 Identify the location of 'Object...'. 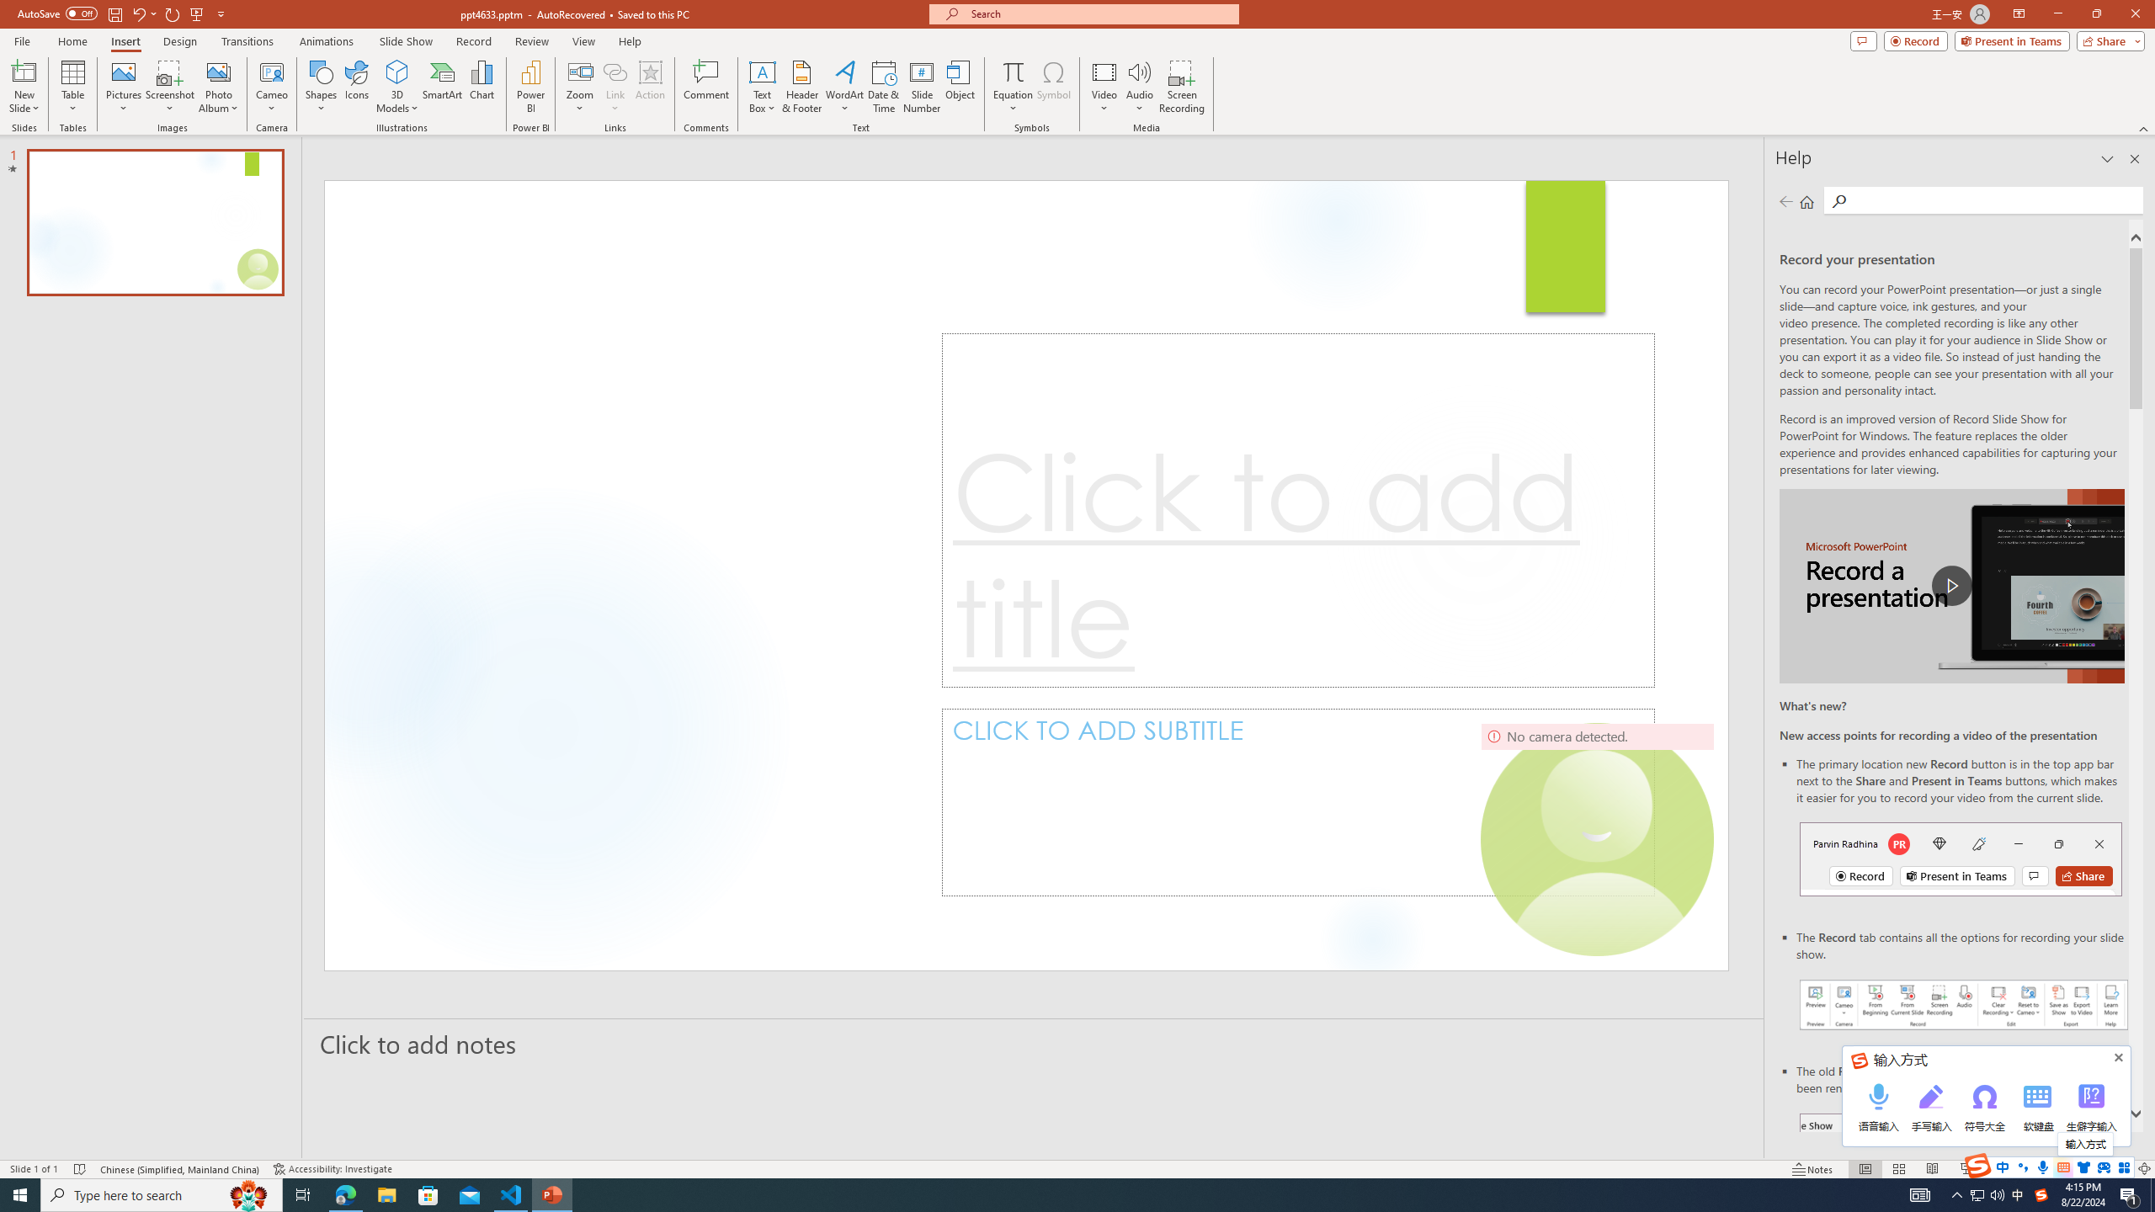
(960, 87).